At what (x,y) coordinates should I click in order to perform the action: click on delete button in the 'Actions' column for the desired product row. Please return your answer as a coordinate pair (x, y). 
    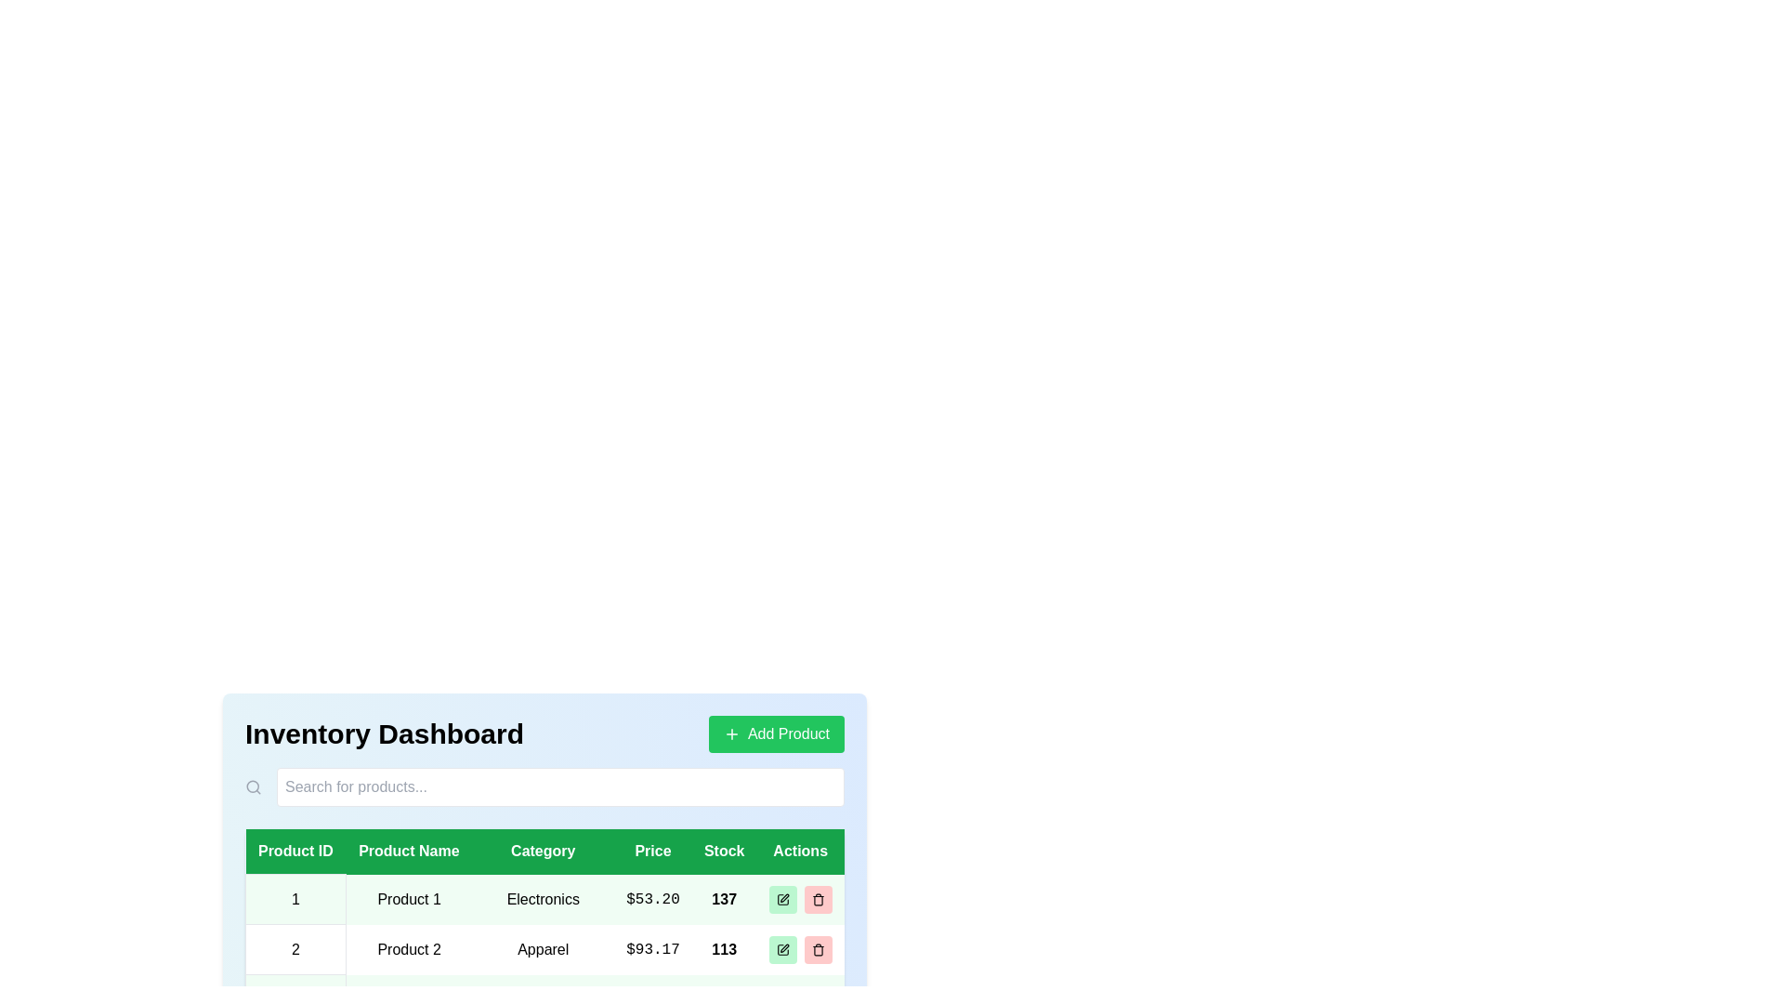
    Looking at the image, I should click on (818, 898).